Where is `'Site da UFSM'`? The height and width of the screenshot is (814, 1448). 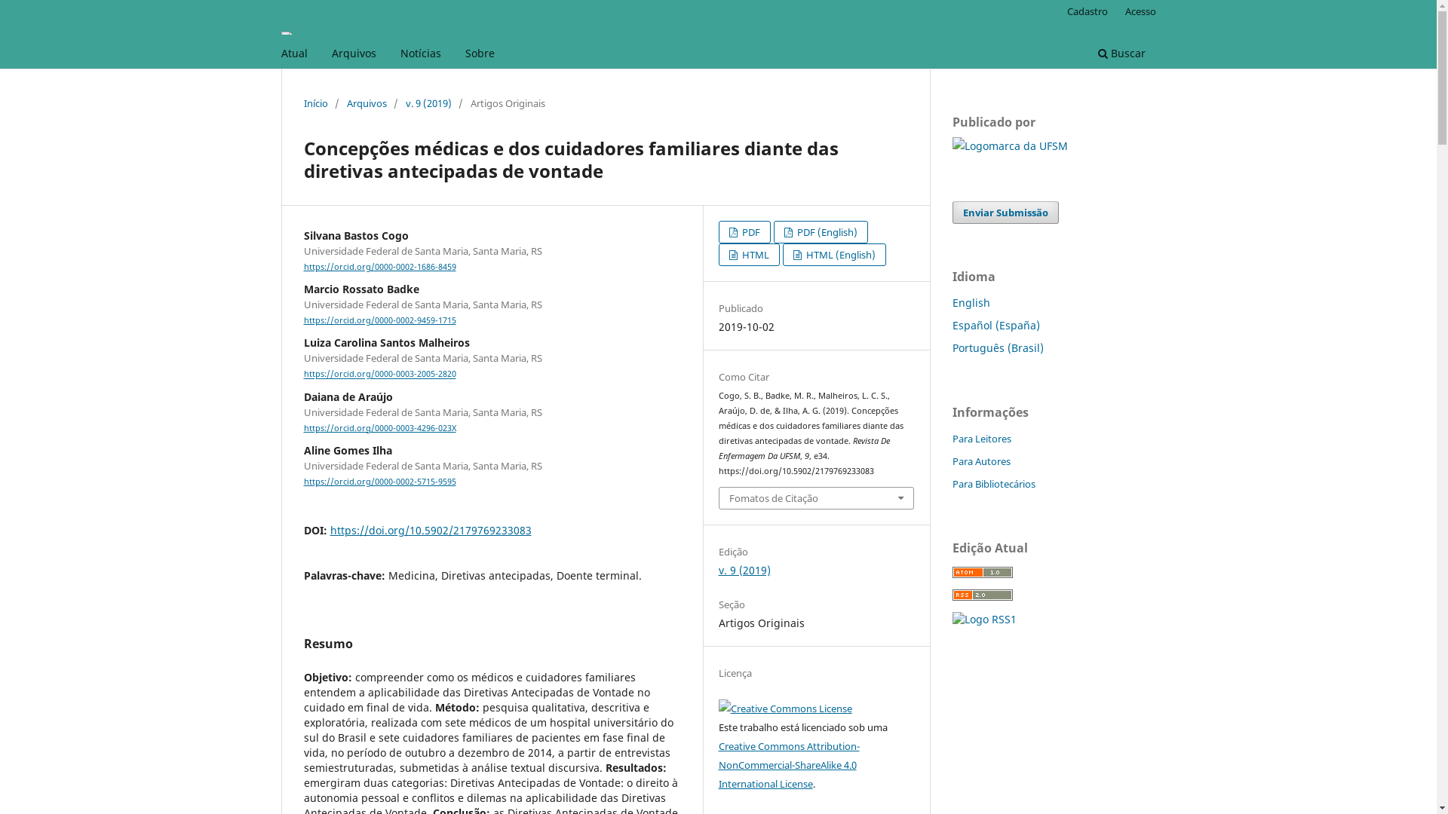
'Site da UFSM' is located at coordinates (1009, 145).